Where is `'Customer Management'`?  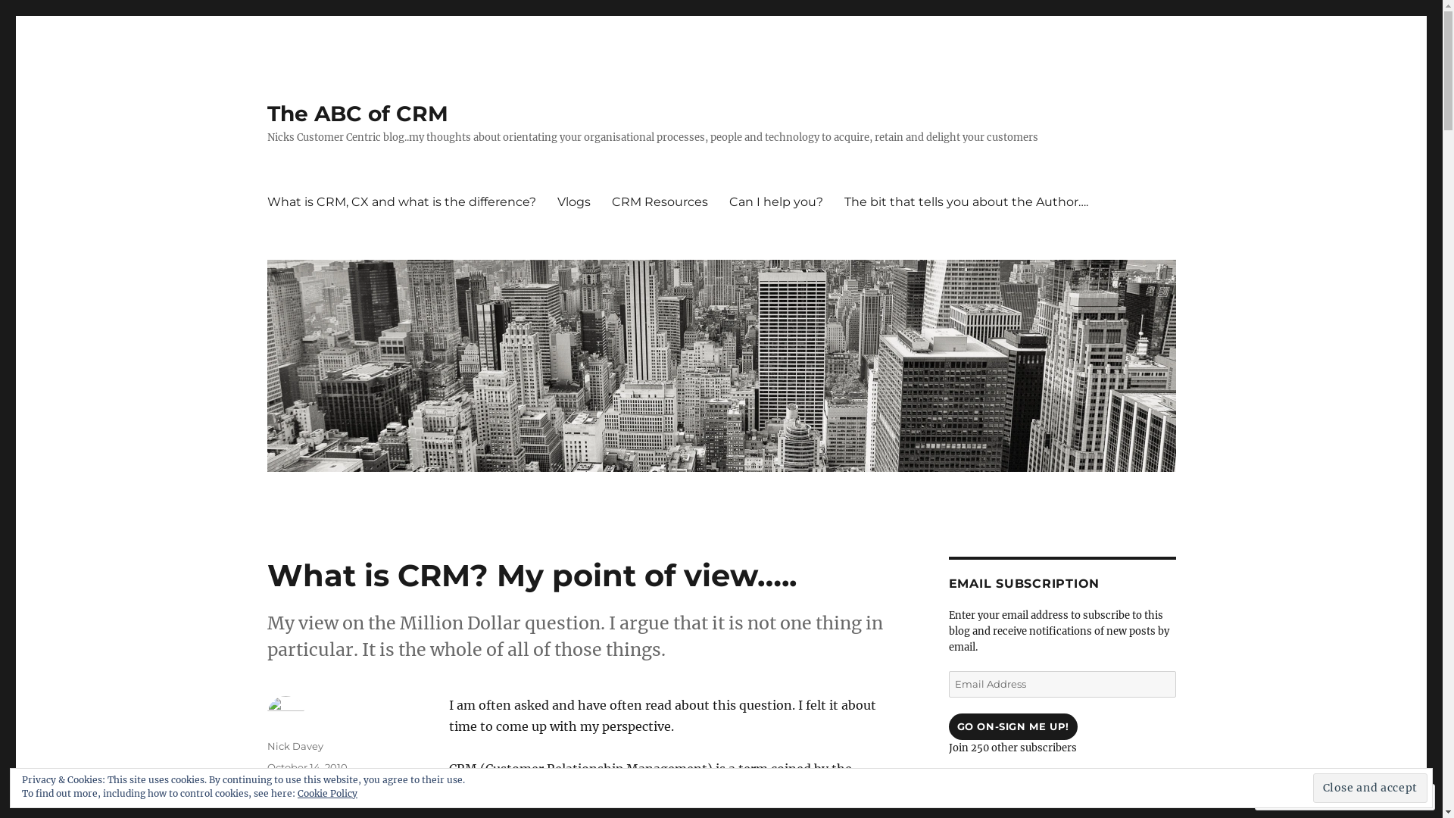 'Customer Management' is located at coordinates (325, 803).